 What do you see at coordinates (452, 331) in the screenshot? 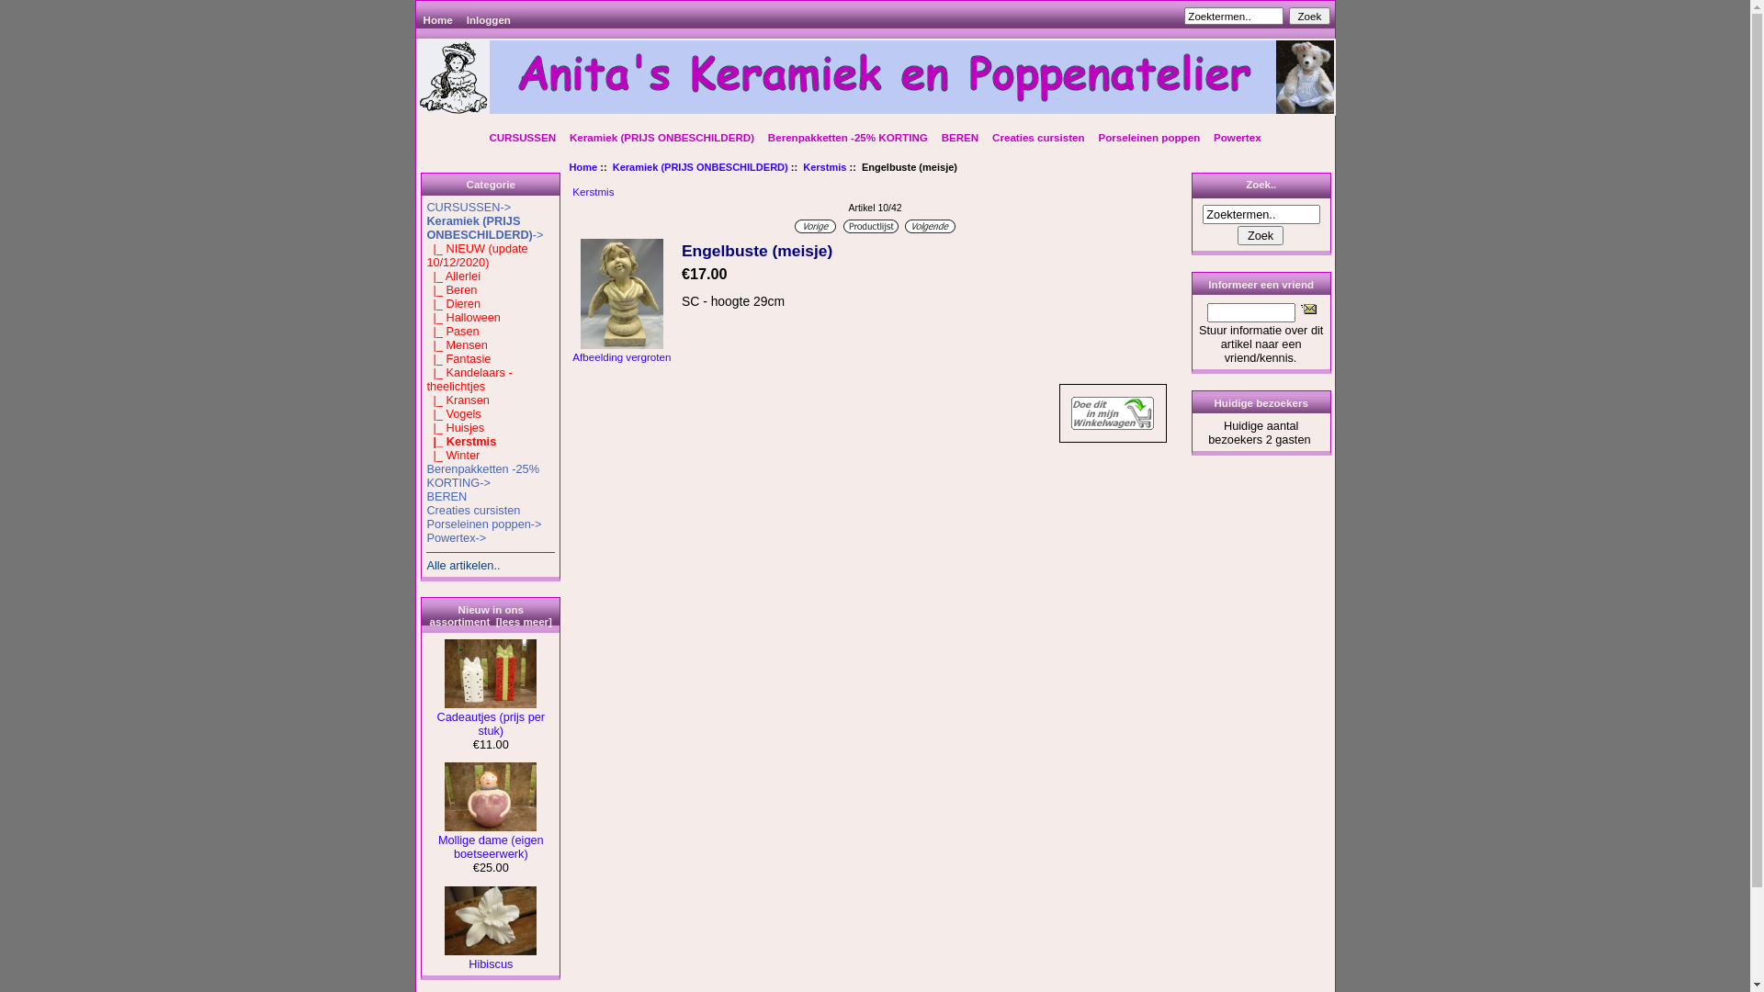
I see `'  |_ Pasen'` at bounding box center [452, 331].